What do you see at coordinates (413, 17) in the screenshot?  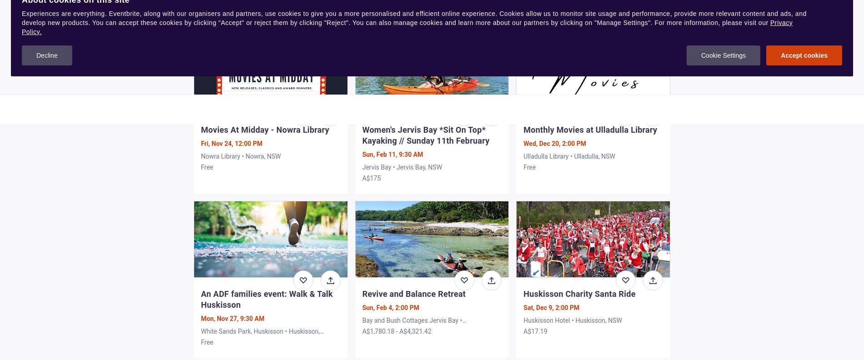 I see `'Experiences are everything. Eventbrite, along with our organisers and partners, use cookies to give you a more personalised and efficient online experience. Cookies allow us to monitor site usage and performance, provide more relevant content and ads, and develop new products. You can accept these cookies by clicking "Accept" or reject them by clicking "Reject". You can also manage cookies and learn more about our partners by clicking on "Manage Settings".  For more information, please visit our'` at bounding box center [413, 17].